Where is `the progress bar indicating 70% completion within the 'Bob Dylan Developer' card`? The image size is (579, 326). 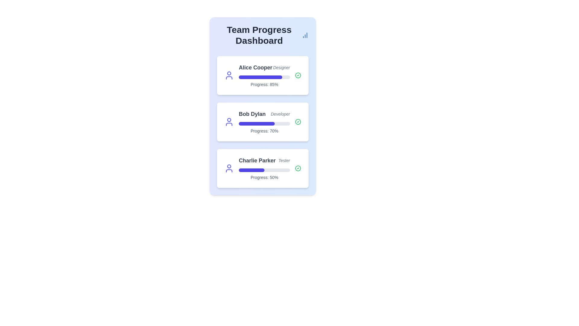 the progress bar indicating 70% completion within the 'Bob Dylan Developer' card is located at coordinates (264, 123).